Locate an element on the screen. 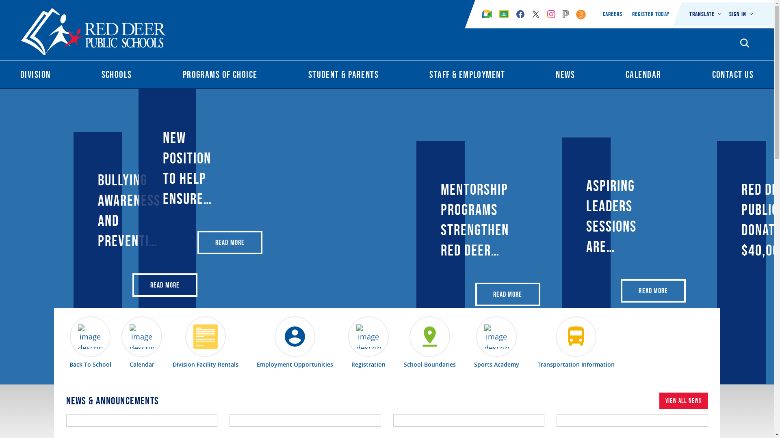  'Calendar' is located at coordinates (141, 342).